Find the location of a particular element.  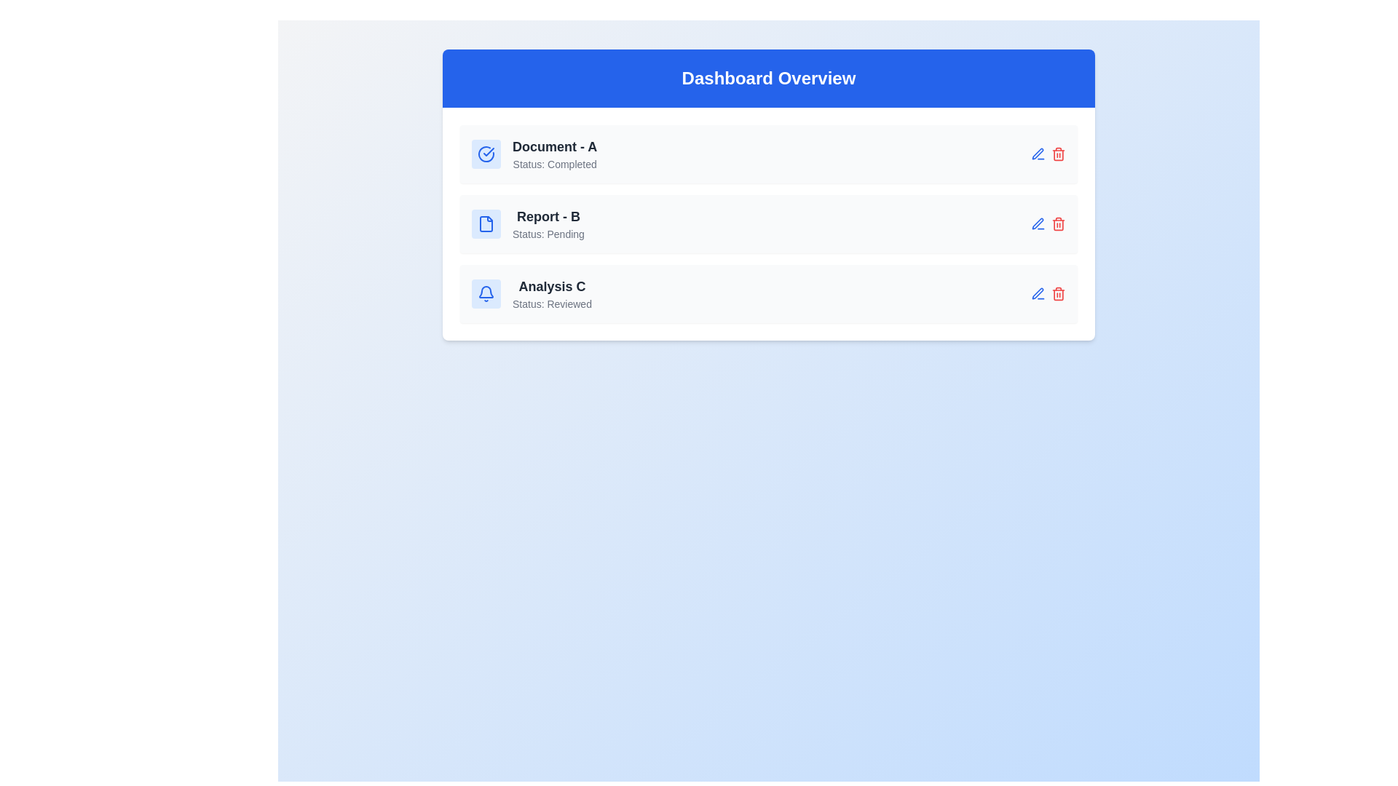

the graphical icon indicating notifications or alerts related to the 'Analysis C' section, located in the 'Dashboard Overview' card, to the left of the 'Analysis C' text is located at coordinates (486, 294).